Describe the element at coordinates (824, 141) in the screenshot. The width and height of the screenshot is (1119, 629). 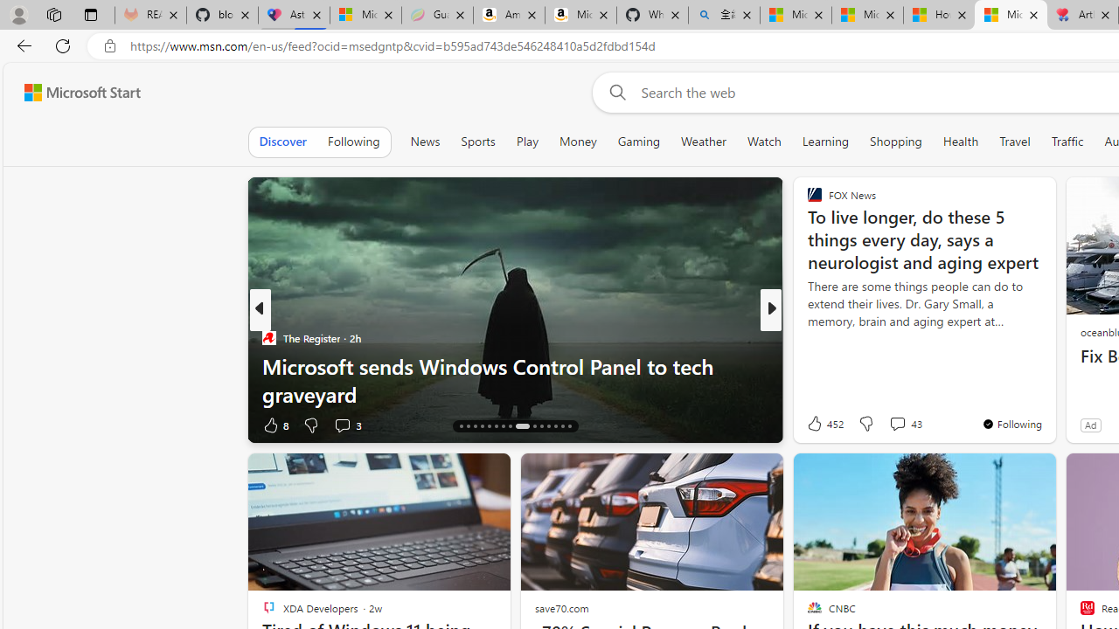
I see `'Learning'` at that location.